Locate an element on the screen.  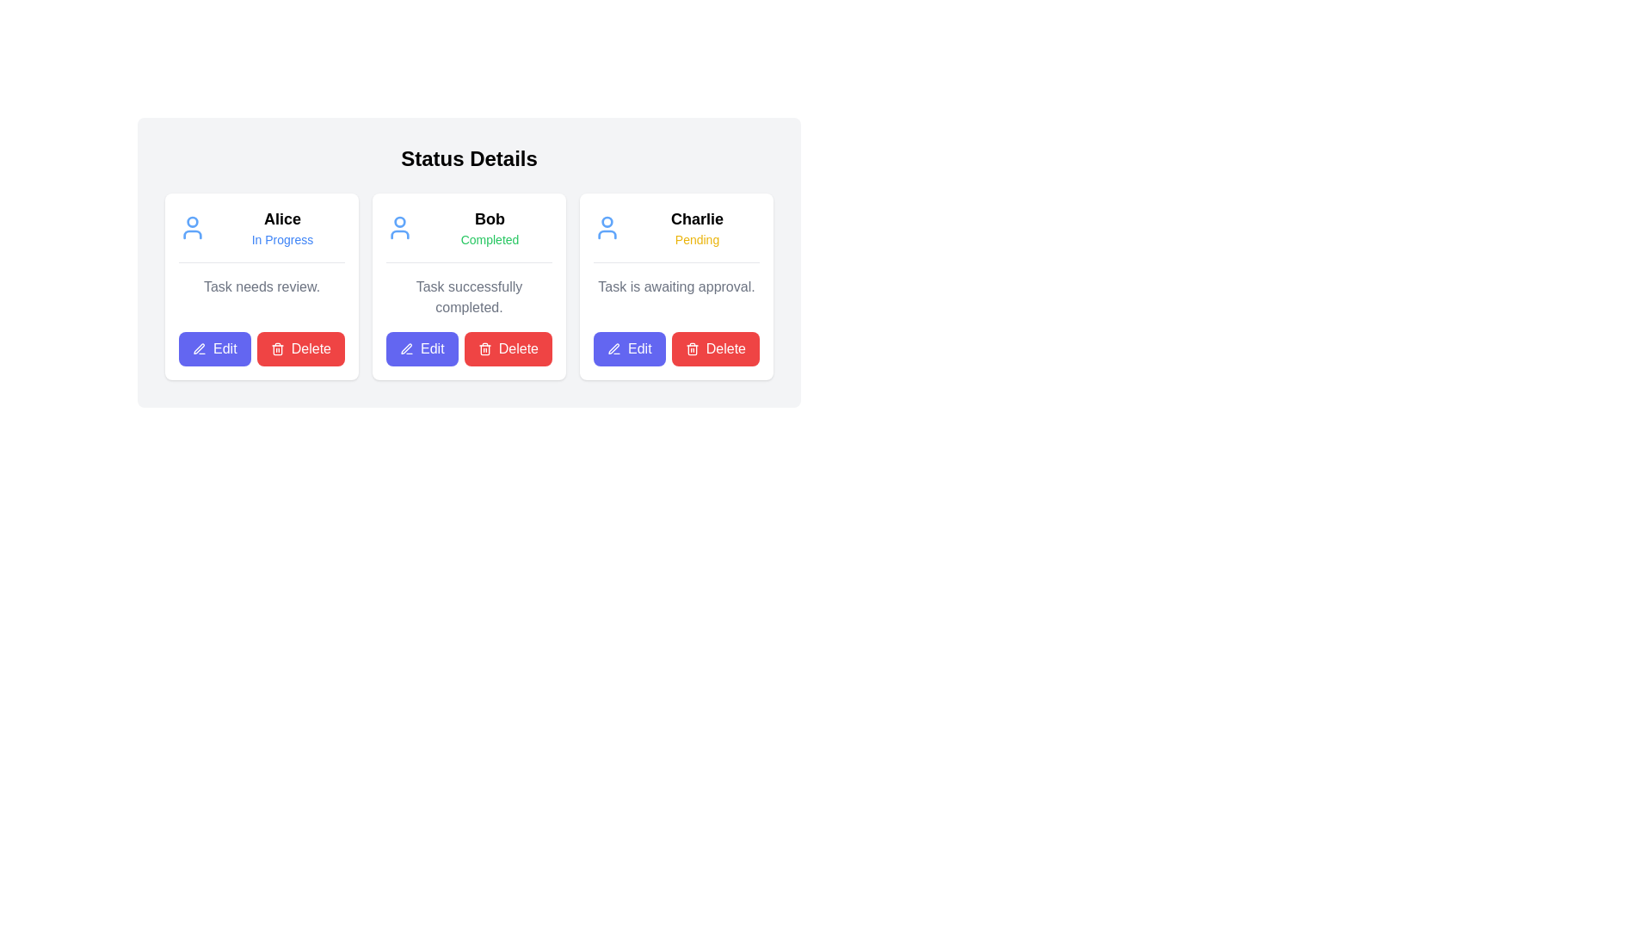
the pen icon within the 'Edit' button of the second card representing 'Bob' is located at coordinates (405, 348).